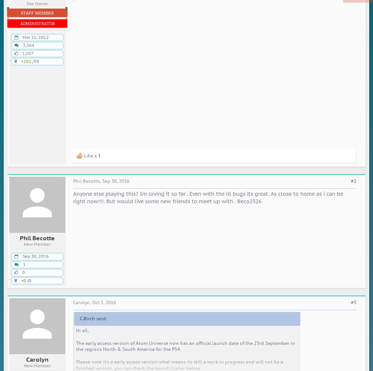 This screenshot has height=371, width=373. I want to click on 'Administrator', so click(37, 23).